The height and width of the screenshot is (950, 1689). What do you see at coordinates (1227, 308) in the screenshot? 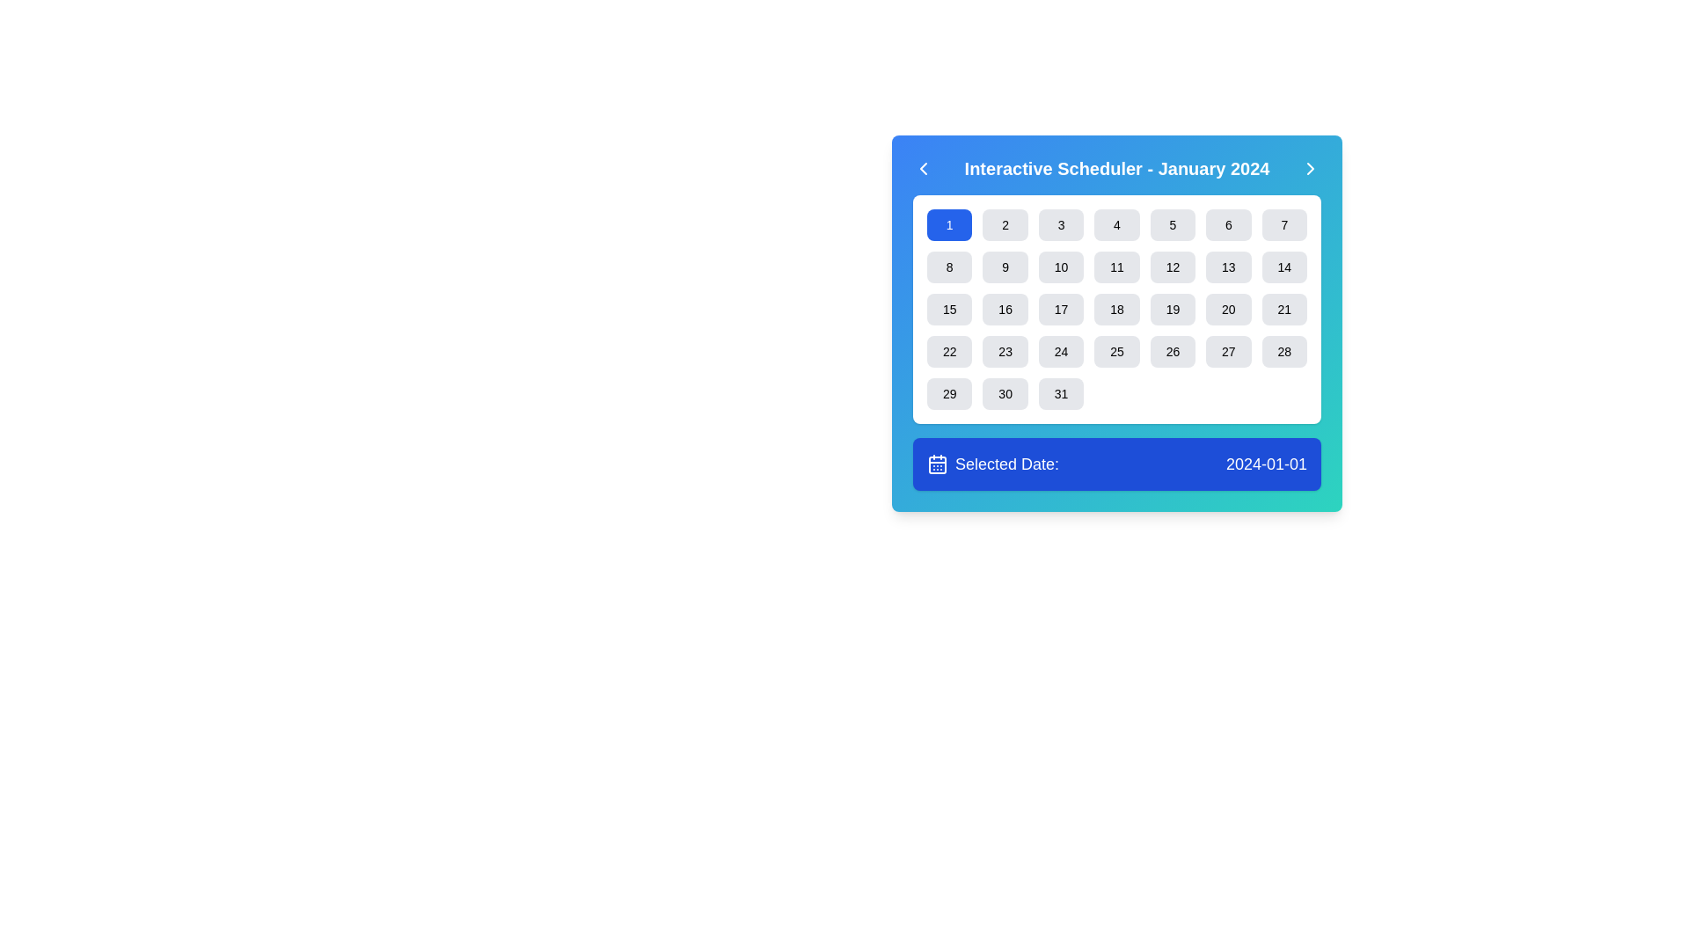
I see `the button representing the date '20' in the calendar interface` at bounding box center [1227, 308].